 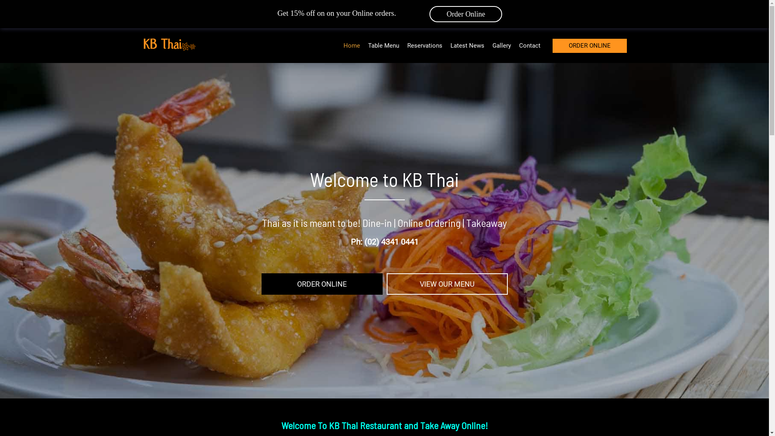 I want to click on 'Order Online', so click(x=465, y=14).